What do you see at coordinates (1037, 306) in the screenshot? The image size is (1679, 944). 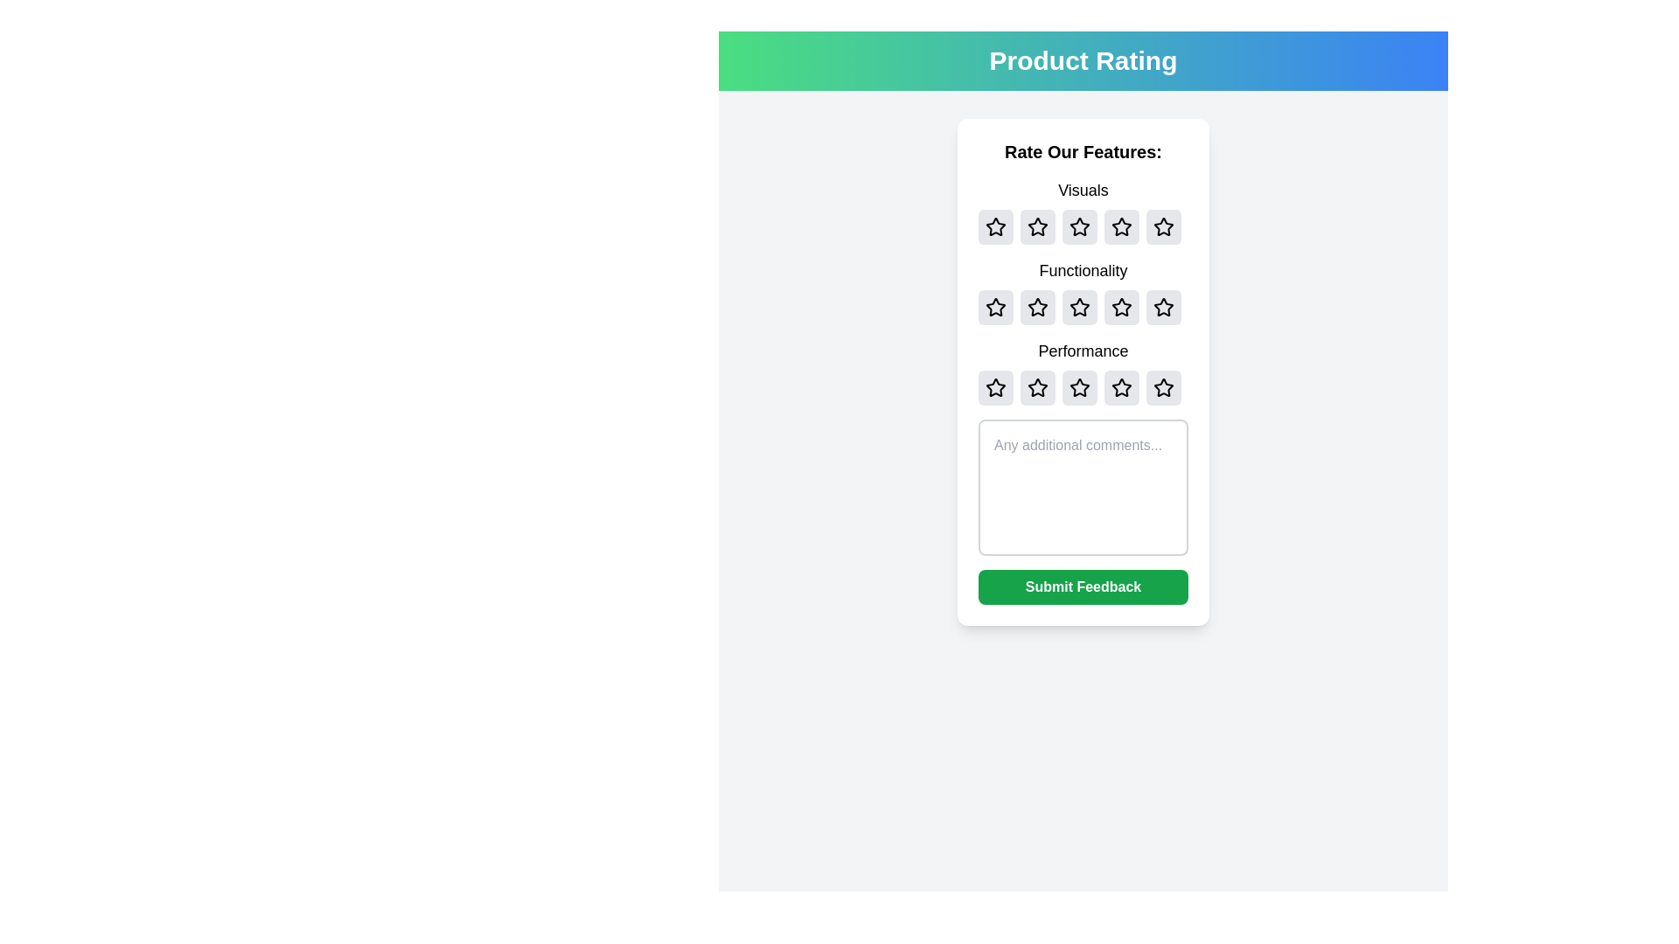 I see `the second star from the left in the 'Functionality' rating grid to indicate its selection state` at bounding box center [1037, 306].